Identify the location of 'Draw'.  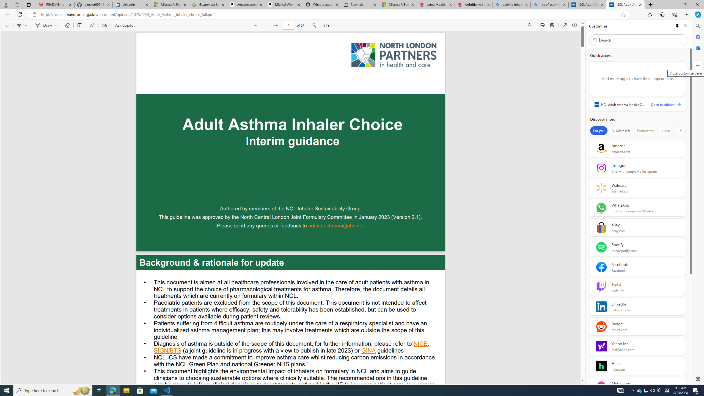
(43, 25).